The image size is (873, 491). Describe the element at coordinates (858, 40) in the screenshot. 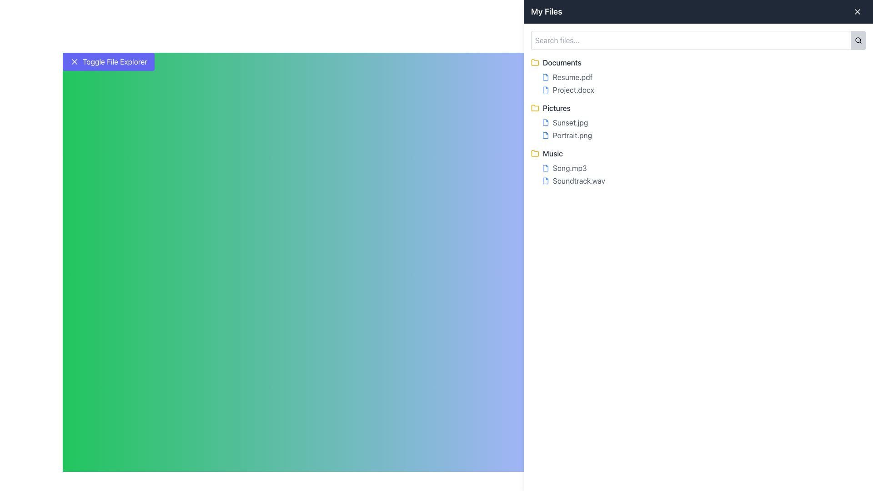

I see `the SVG Circle Component representing the magnifying glass icon in the top-right corner of the interactive search bar area` at that location.